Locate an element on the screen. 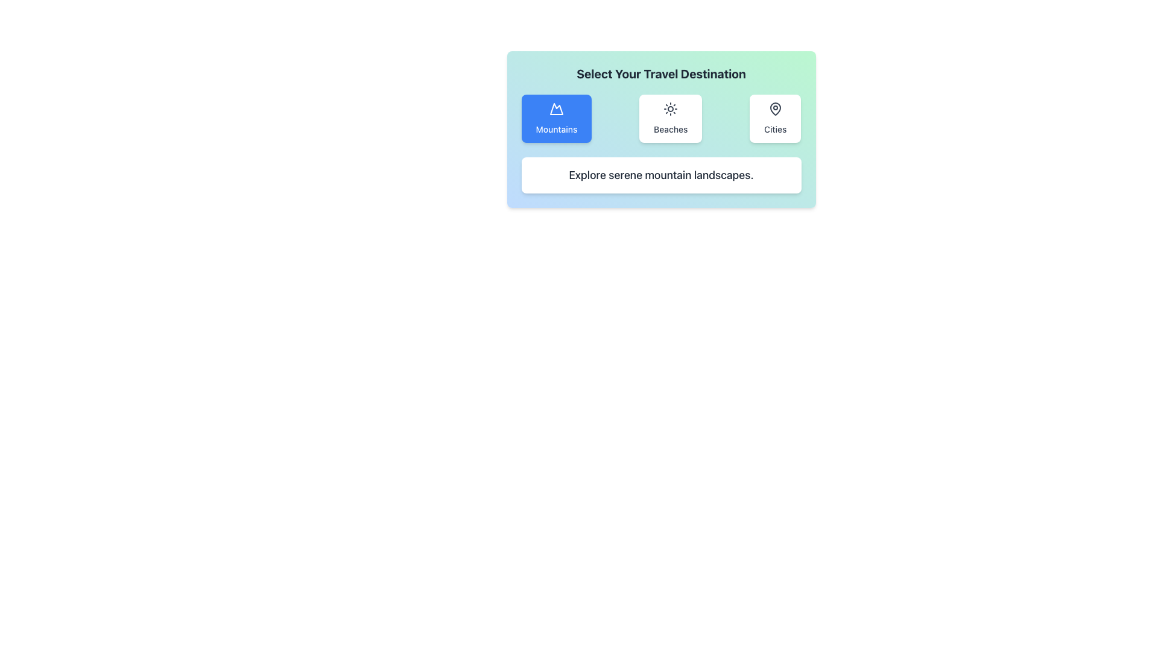  the mountain peak icon within the button labeled 'Mountains', which is located on the leftmost side of a horizontal group of three buttons under the text 'Select Your Travel Destination' is located at coordinates (555, 109).